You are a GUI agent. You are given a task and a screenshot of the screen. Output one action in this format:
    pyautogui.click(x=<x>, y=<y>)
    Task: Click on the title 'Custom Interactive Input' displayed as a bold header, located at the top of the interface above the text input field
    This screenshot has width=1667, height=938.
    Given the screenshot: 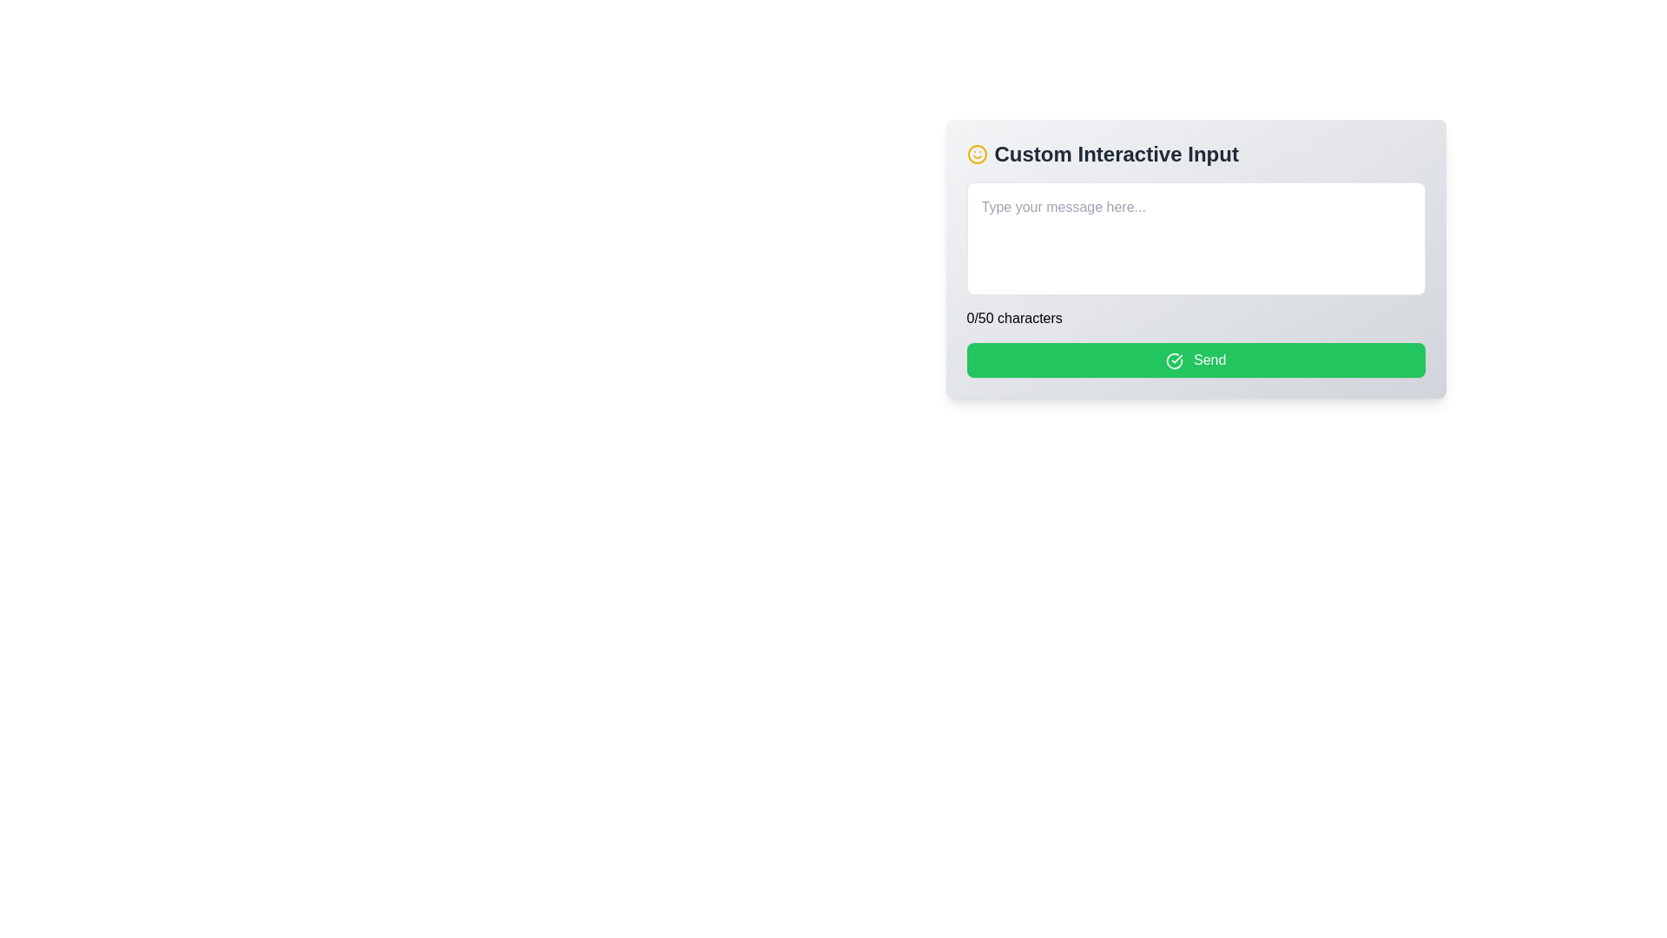 What is the action you would take?
    pyautogui.click(x=1195, y=153)
    